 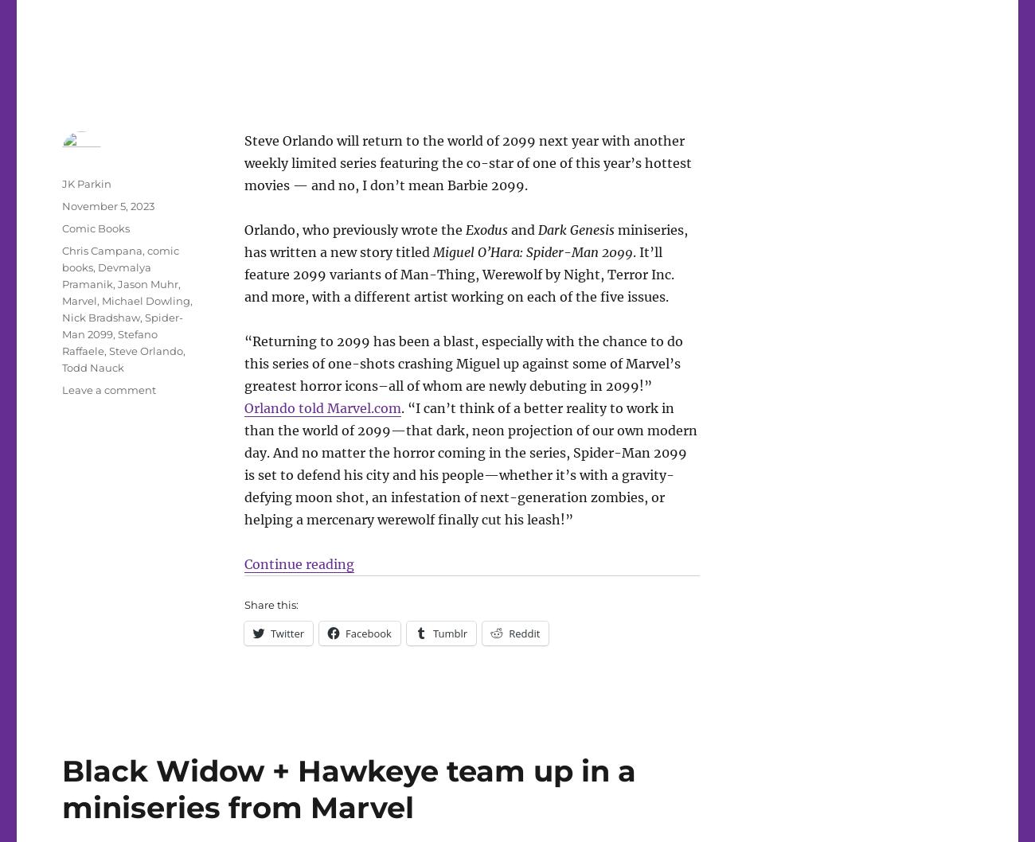 I want to click on '“Returning to 2099 has been a blast, especially with the chance to do this series of one-shots crashing Miguel up against some of Marvel’s greatest horror icons–all of whom are newly debuting in 2099!”', so click(x=462, y=362).